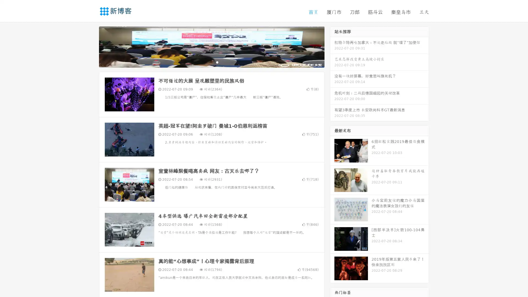 This screenshot has height=297, width=528. Describe the element at coordinates (206, 62) in the screenshot. I see `Go to slide 1` at that location.